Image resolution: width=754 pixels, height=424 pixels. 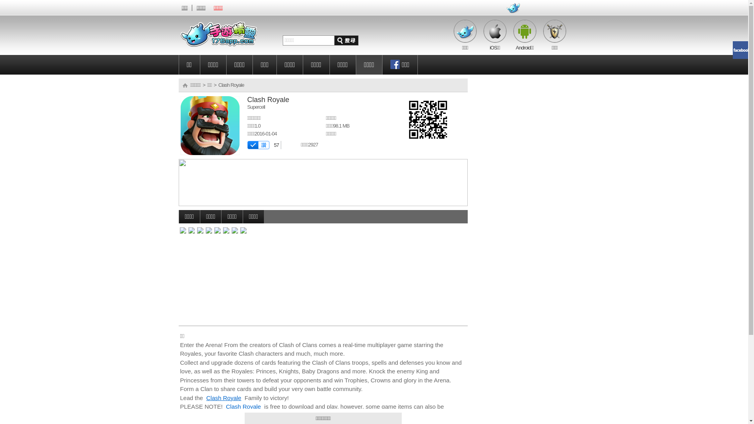 What do you see at coordinates (223, 397) in the screenshot?
I see `'Clash Royale'` at bounding box center [223, 397].